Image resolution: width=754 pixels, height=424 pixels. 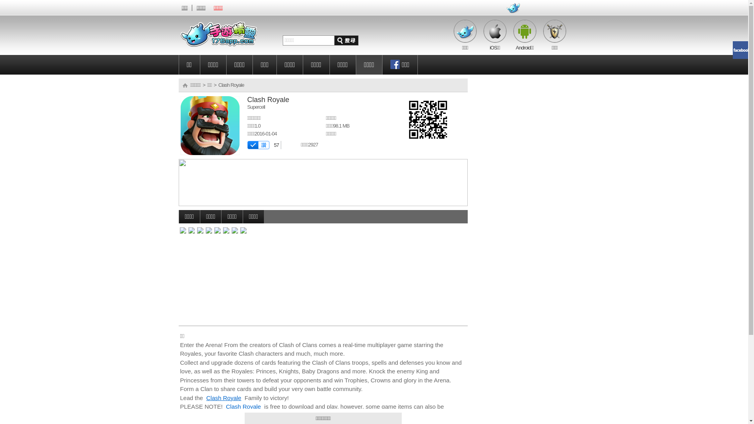 What do you see at coordinates (223, 397) in the screenshot?
I see `'Clash Royale'` at bounding box center [223, 397].